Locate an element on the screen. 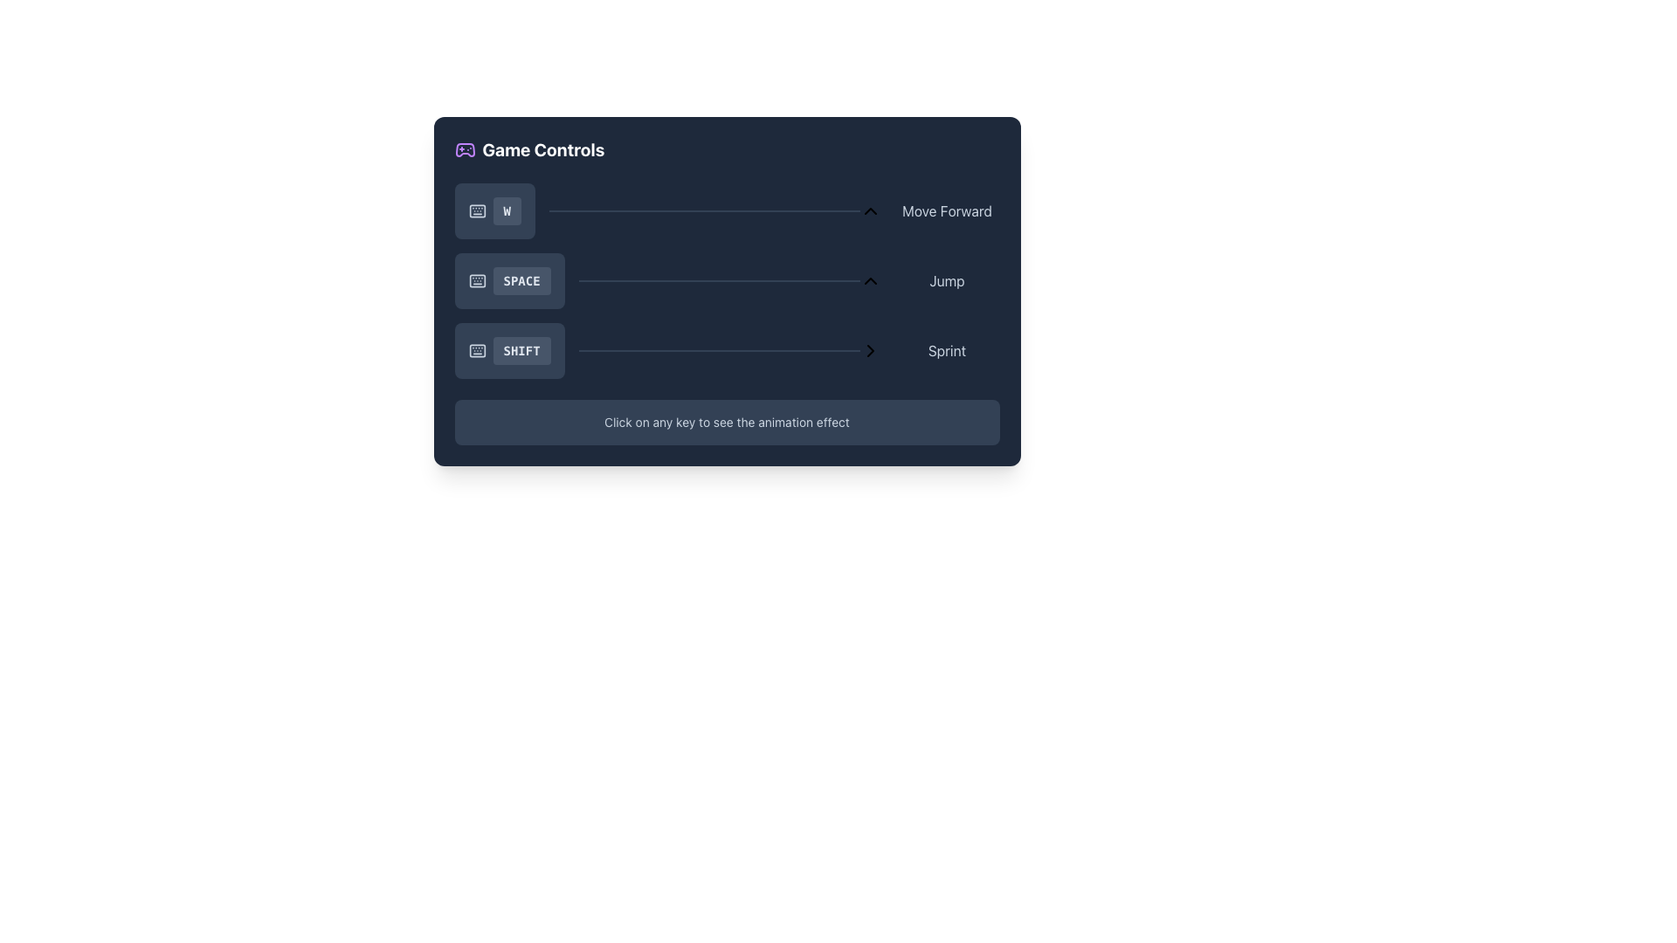  the layout of the Control List displaying game key-action mappings, which is centrally located above an explanatory text panel in the 'Game Controls' section is located at coordinates (727, 279).